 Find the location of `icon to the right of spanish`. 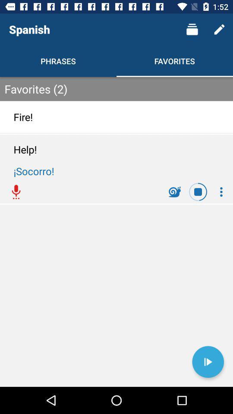

icon to the right of spanish is located at coordinates (192, 29).